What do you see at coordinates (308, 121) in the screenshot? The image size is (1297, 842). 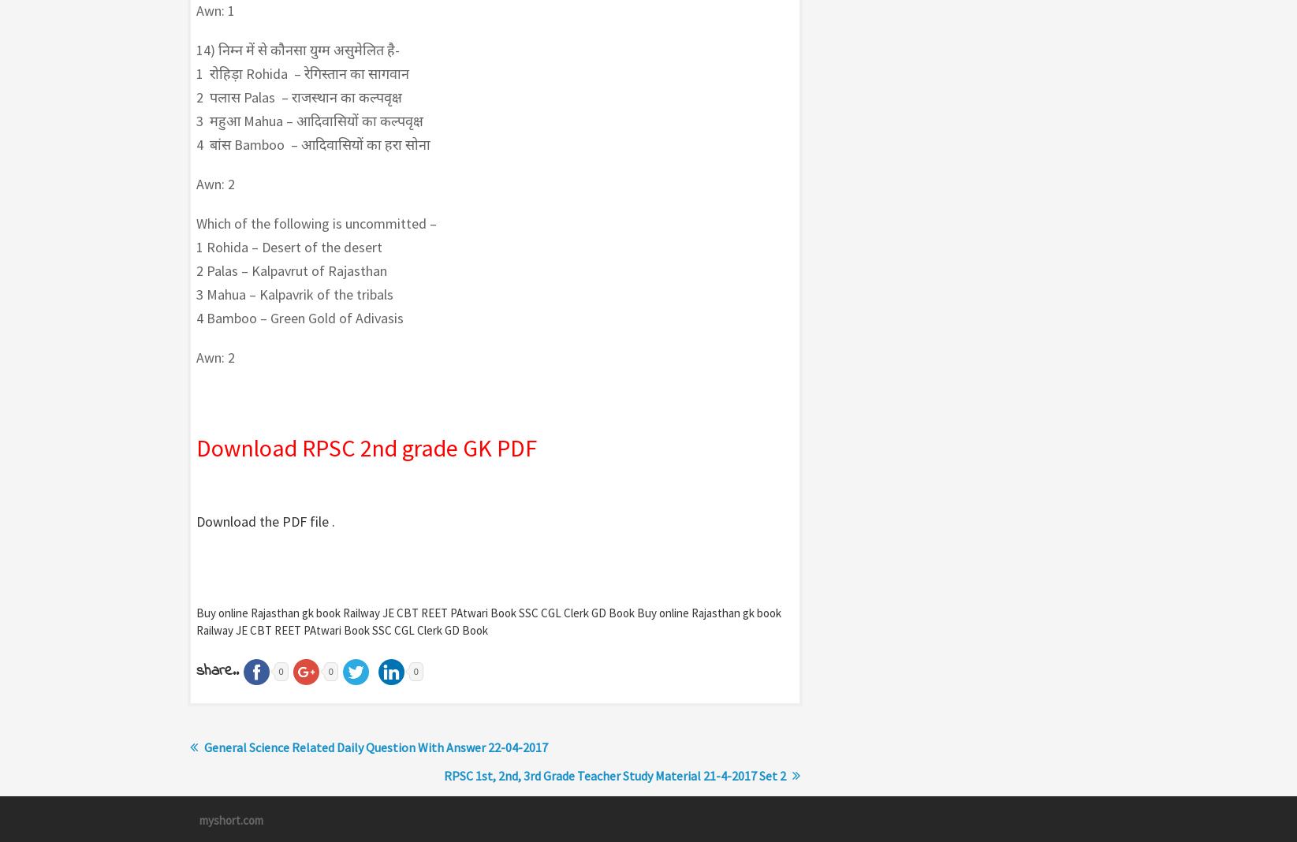 I see `'3  महुआ Mahua – आदिवासियों का कल्पवृक्ष'` at bounding box center [308, 121].